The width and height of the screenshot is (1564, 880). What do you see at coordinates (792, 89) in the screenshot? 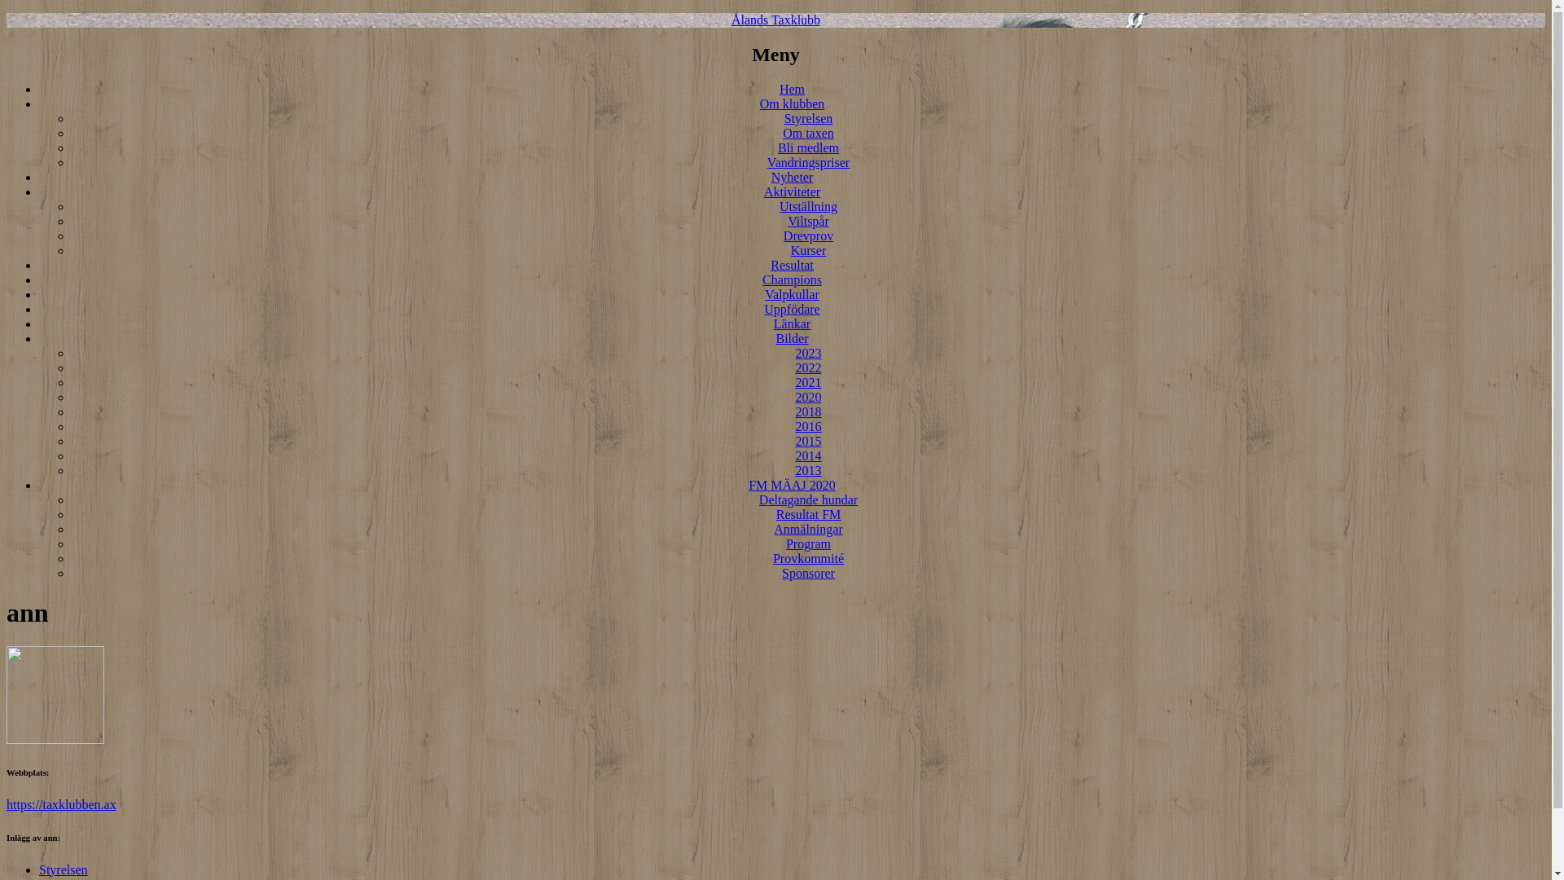
I see `'Hem'` at bounding box center [792, 89].